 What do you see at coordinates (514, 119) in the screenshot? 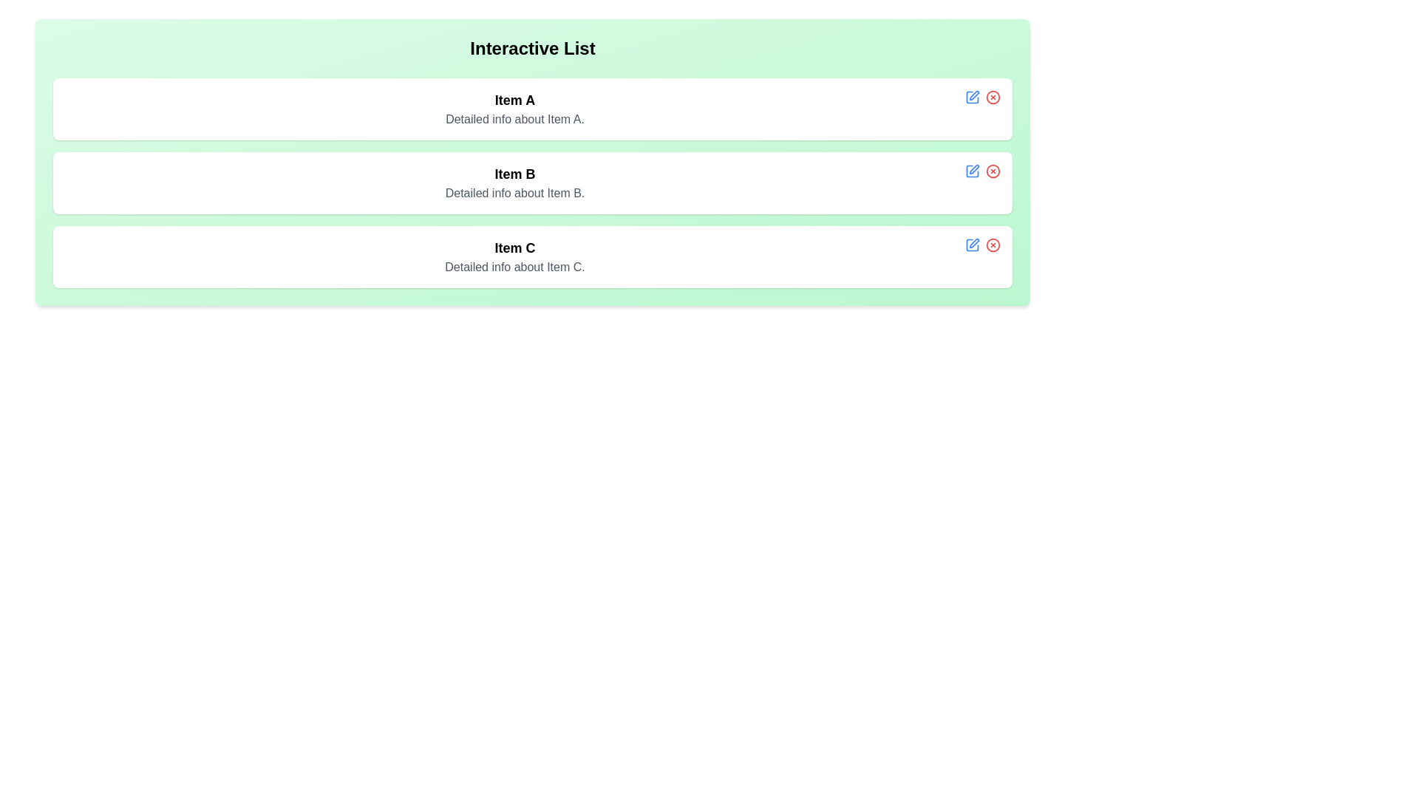
I see `text element that contains 'Detailed info about Item A.', styled in gray color, located below 'Item A' in the 'Interactive List'` at bounding box center [514, 119].